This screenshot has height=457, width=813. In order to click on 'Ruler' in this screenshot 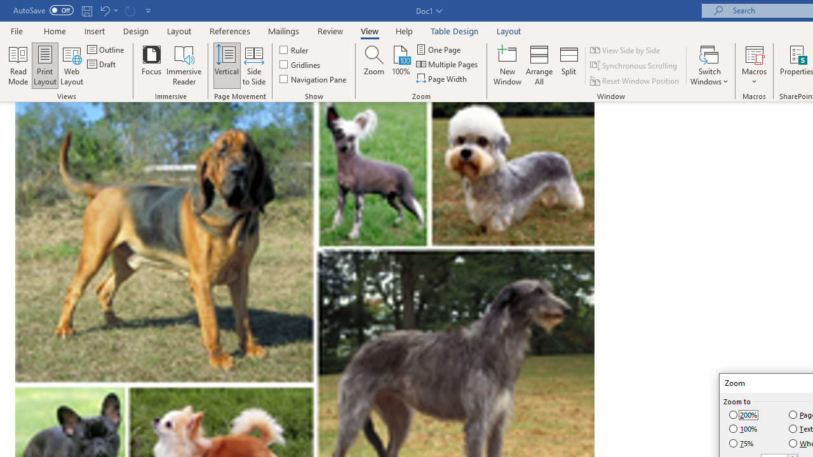, I will do `click(294, 49)`.